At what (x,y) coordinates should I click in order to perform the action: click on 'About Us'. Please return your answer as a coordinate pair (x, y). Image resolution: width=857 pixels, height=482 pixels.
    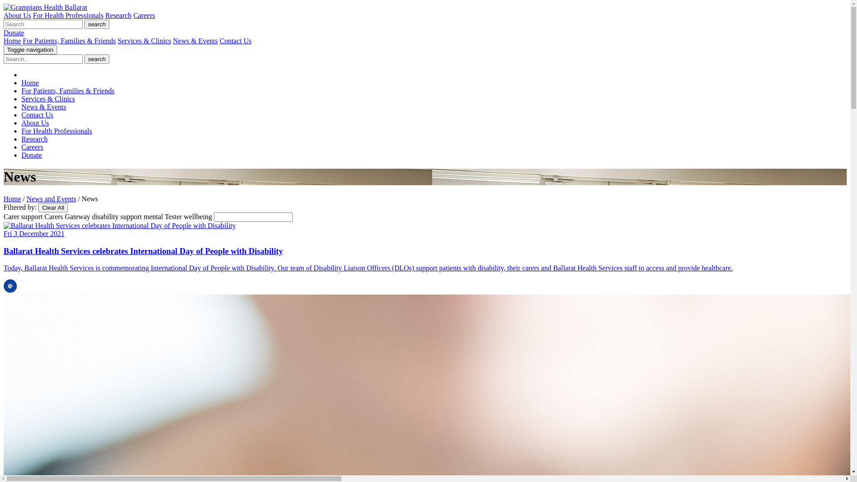
    Looking at the image, I should click on (35, 123).